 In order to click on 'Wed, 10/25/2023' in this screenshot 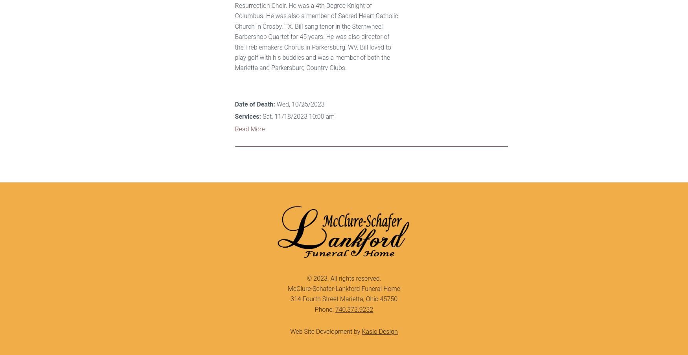, I will do `click(299, 104)`.